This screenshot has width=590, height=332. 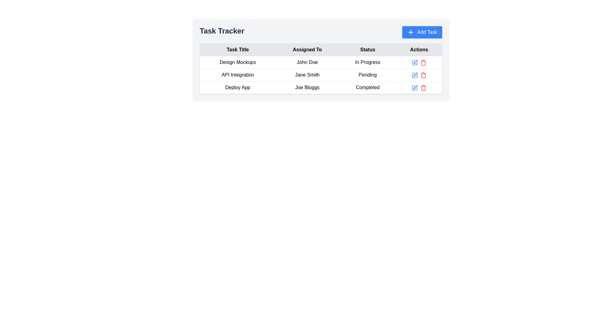 I want to click on text displayed in the 'Task Title' Table Header, which is in bold black font on a light gray background, so click(x=237, y=49).